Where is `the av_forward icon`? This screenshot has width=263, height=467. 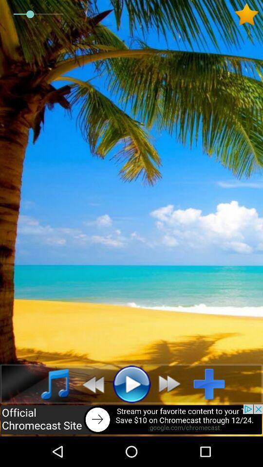 the av_forward icon is located at coordinates (172, 384).